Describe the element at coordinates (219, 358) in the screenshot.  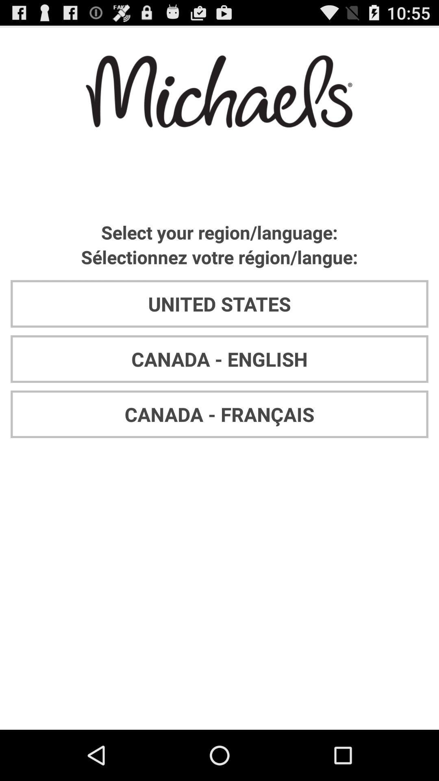
I see `the item below united states` at that location.